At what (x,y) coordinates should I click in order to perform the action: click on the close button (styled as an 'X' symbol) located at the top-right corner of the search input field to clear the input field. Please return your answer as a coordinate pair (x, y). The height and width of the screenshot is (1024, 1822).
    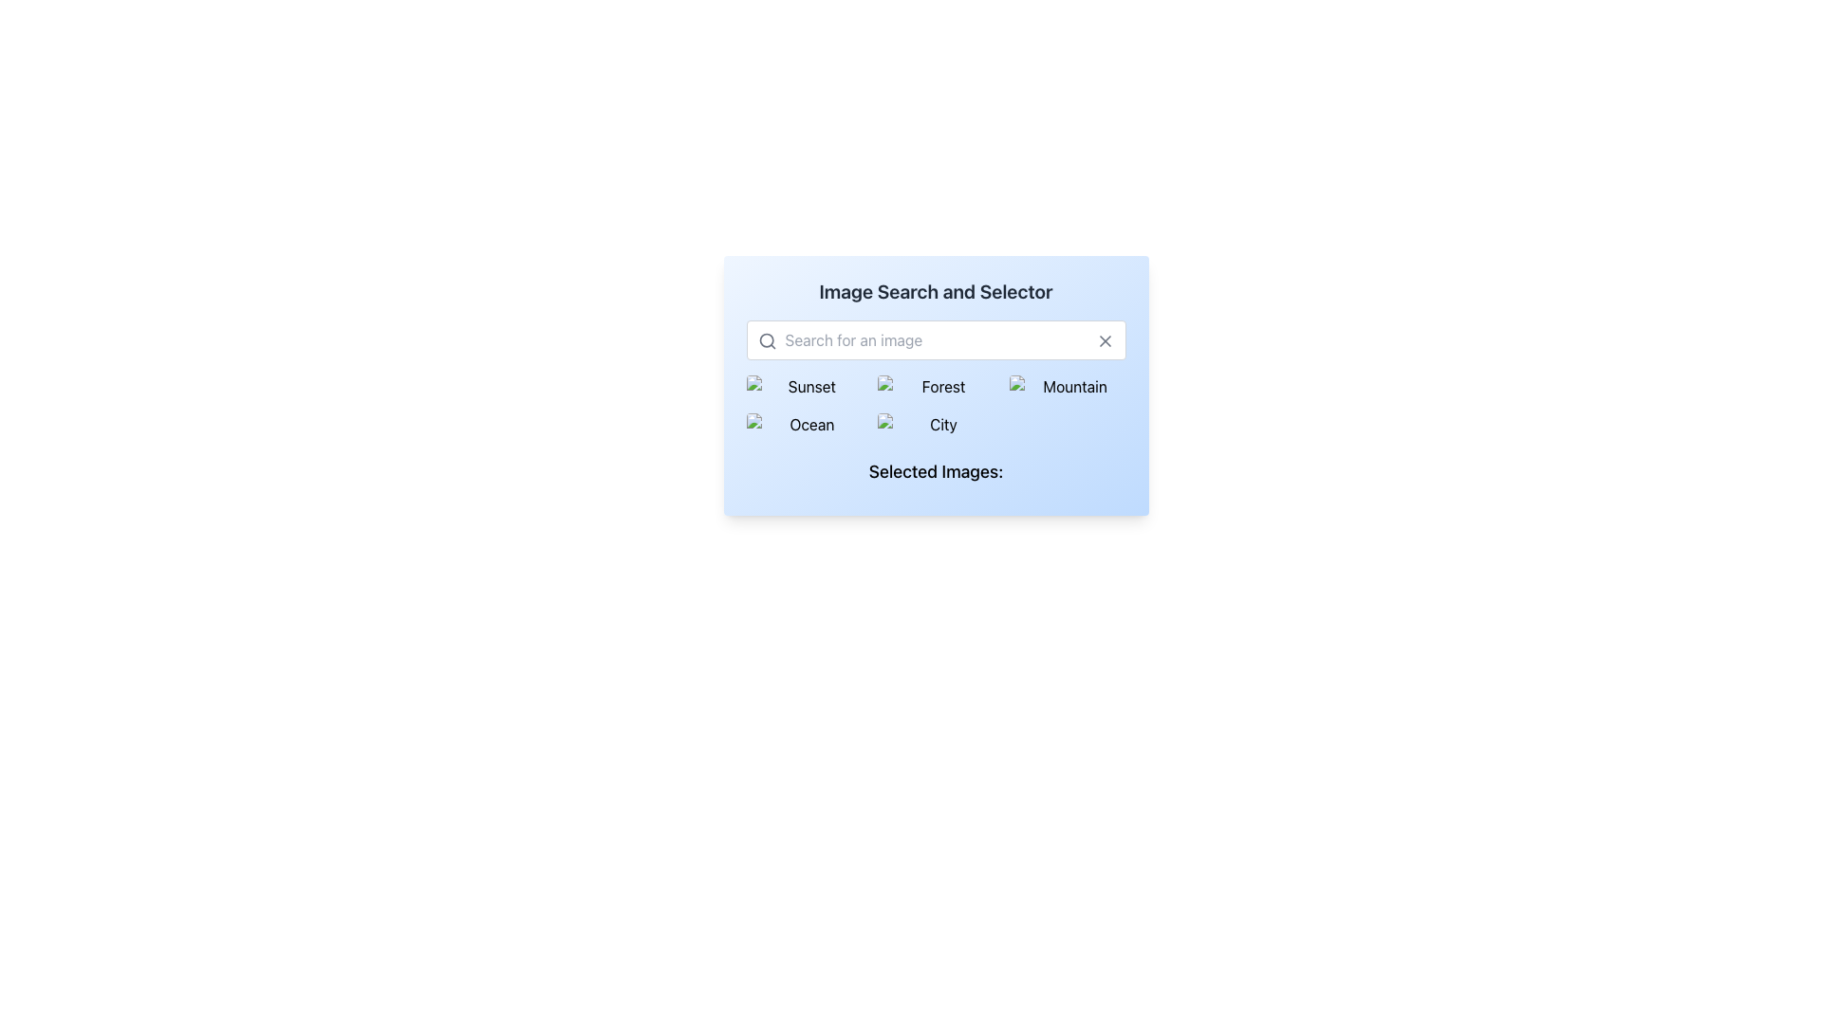
    Looking at the image, I should click on (1105, 339).